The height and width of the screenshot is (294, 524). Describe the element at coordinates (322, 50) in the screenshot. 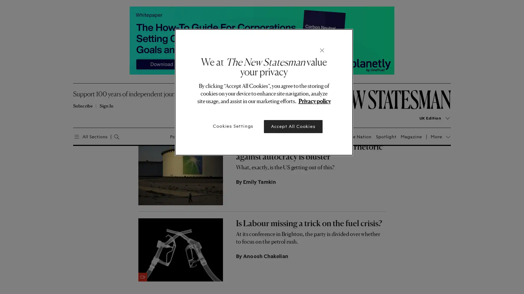

I see `Close` at that location.